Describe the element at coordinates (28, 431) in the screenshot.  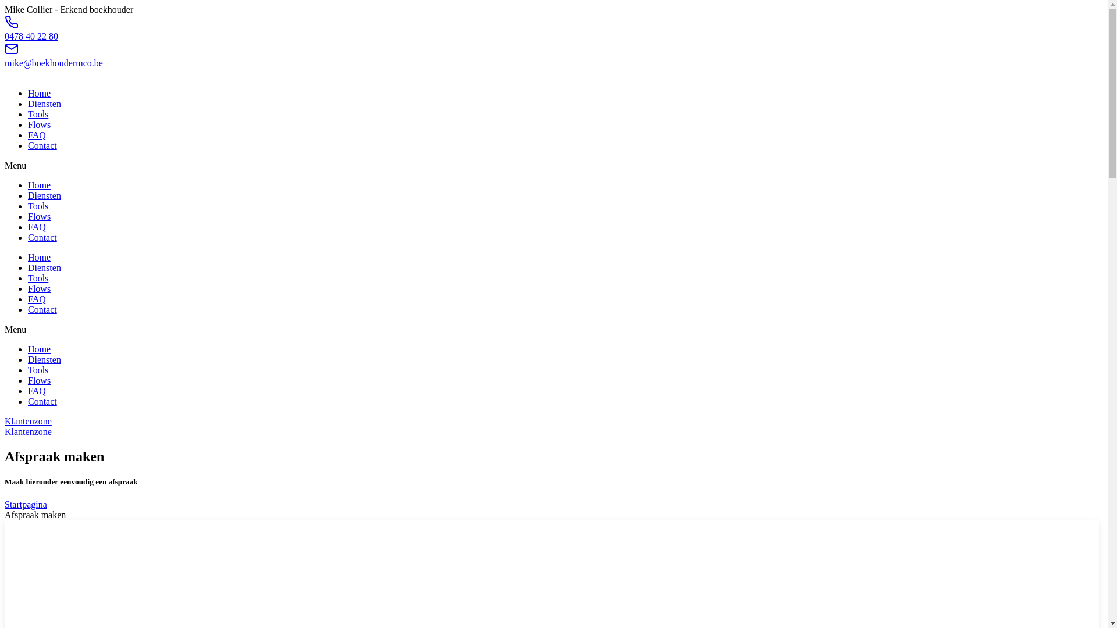
I see `'Klantenzone'` at that location.